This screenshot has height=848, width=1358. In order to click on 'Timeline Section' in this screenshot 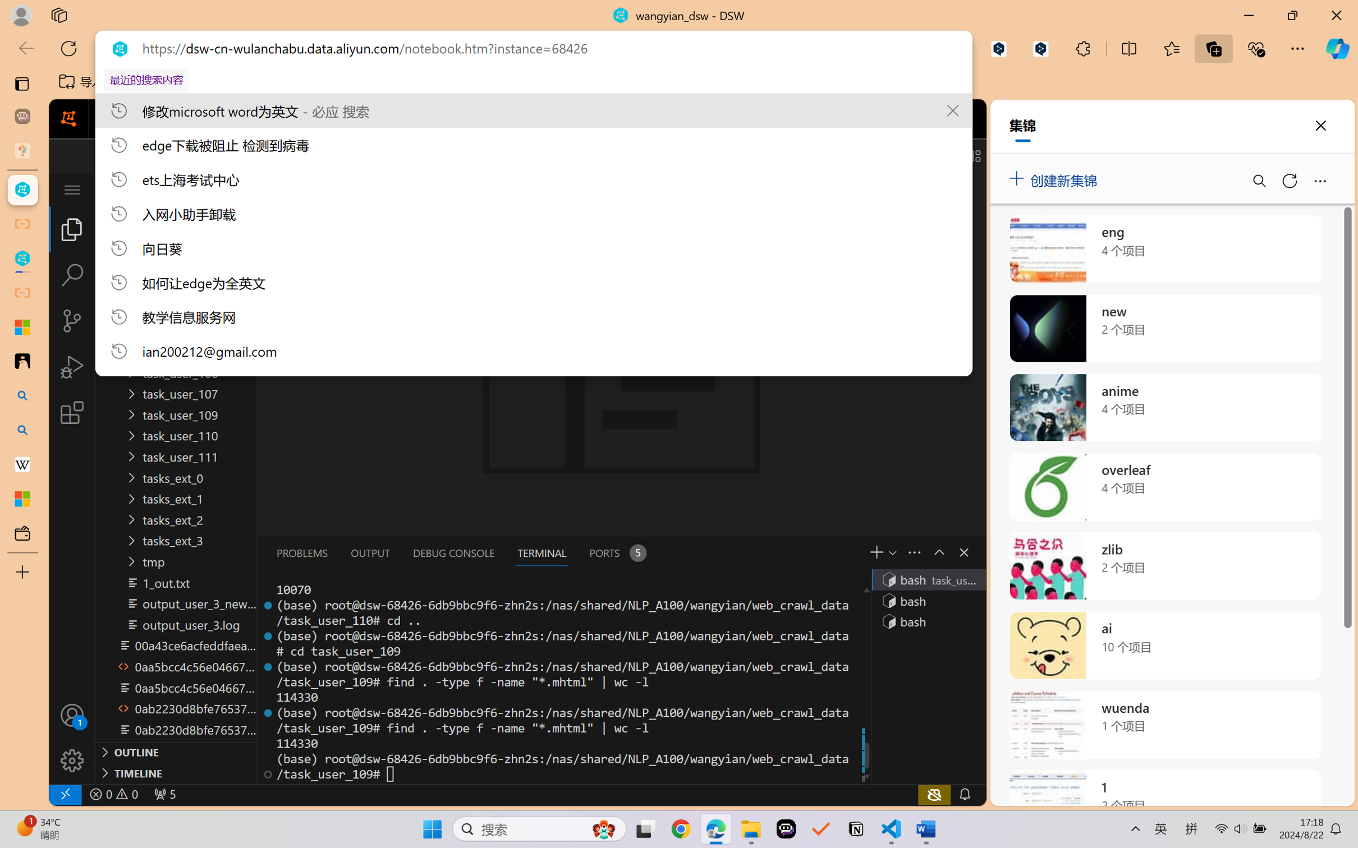, I will do `click(176, 773)`.